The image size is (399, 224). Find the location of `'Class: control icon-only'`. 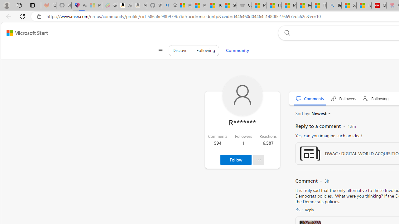

'Class: control icon-only' is located at coordinates (160, 50).